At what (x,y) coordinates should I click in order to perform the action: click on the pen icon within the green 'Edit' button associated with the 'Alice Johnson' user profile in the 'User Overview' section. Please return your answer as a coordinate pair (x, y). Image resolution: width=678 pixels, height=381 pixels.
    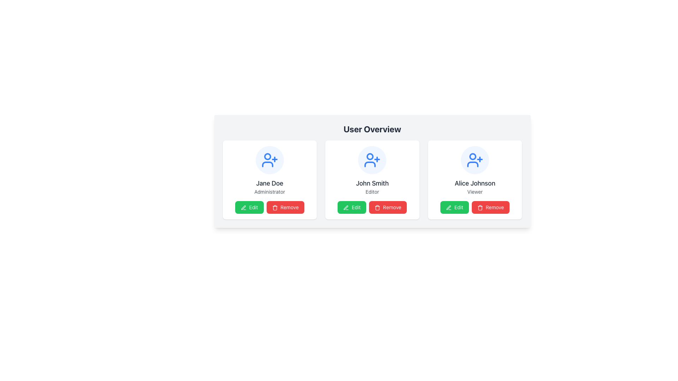
    Looking at the image, I should click on (448, 207).